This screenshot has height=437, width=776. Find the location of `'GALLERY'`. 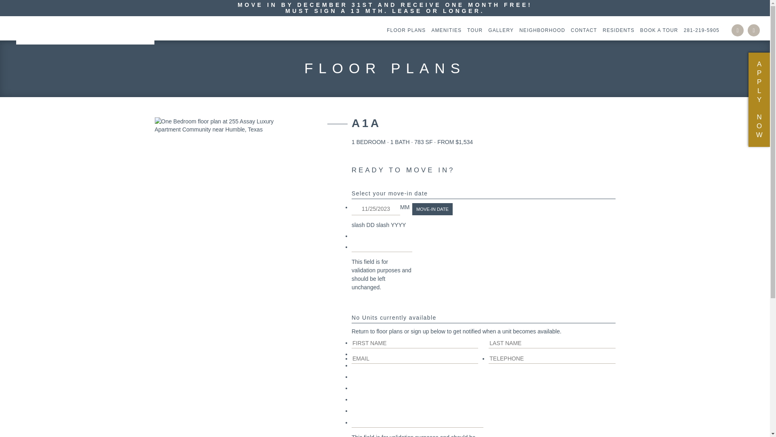

'GALLERY' is located at coordinates (498, 30).